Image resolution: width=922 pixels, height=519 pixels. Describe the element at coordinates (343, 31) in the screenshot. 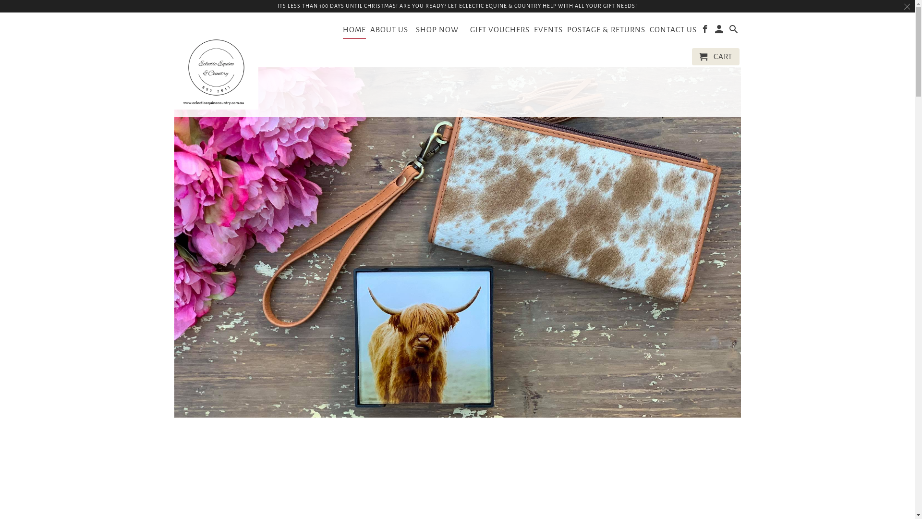

I see `'HOME'` at that location.